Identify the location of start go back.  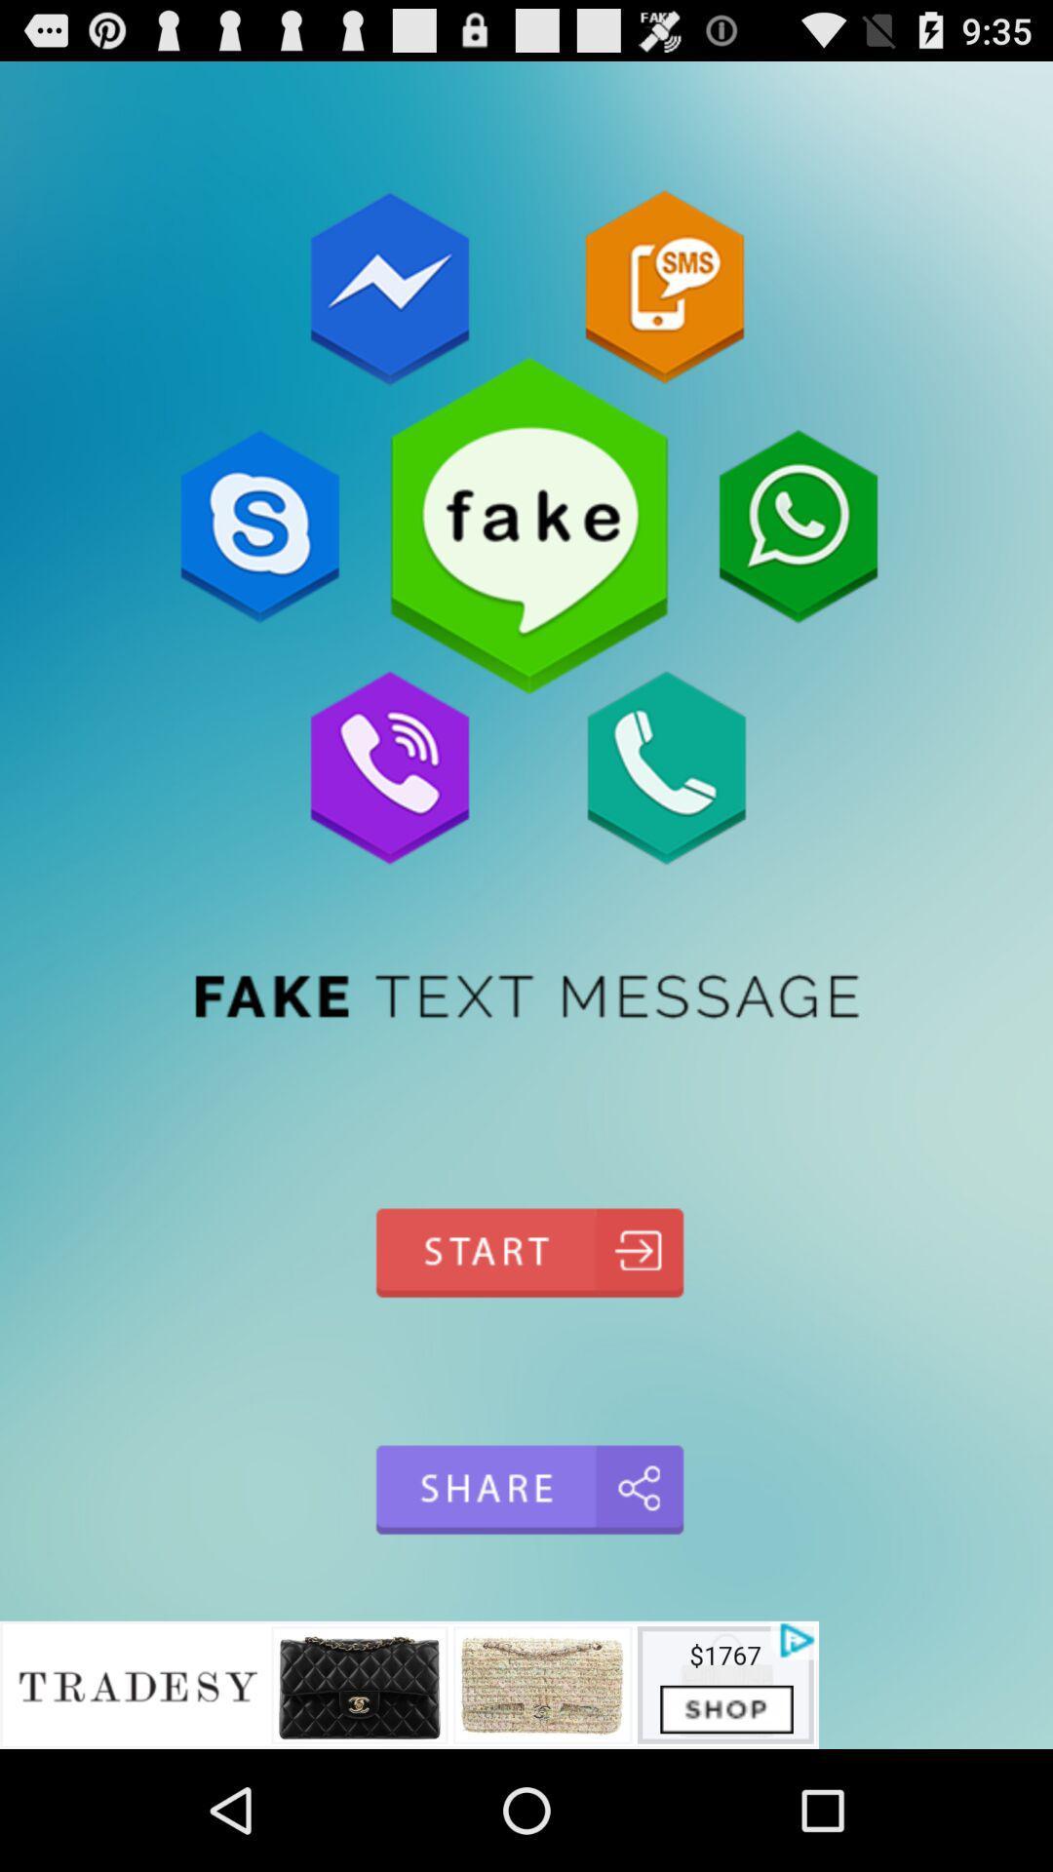
(526, 1253).